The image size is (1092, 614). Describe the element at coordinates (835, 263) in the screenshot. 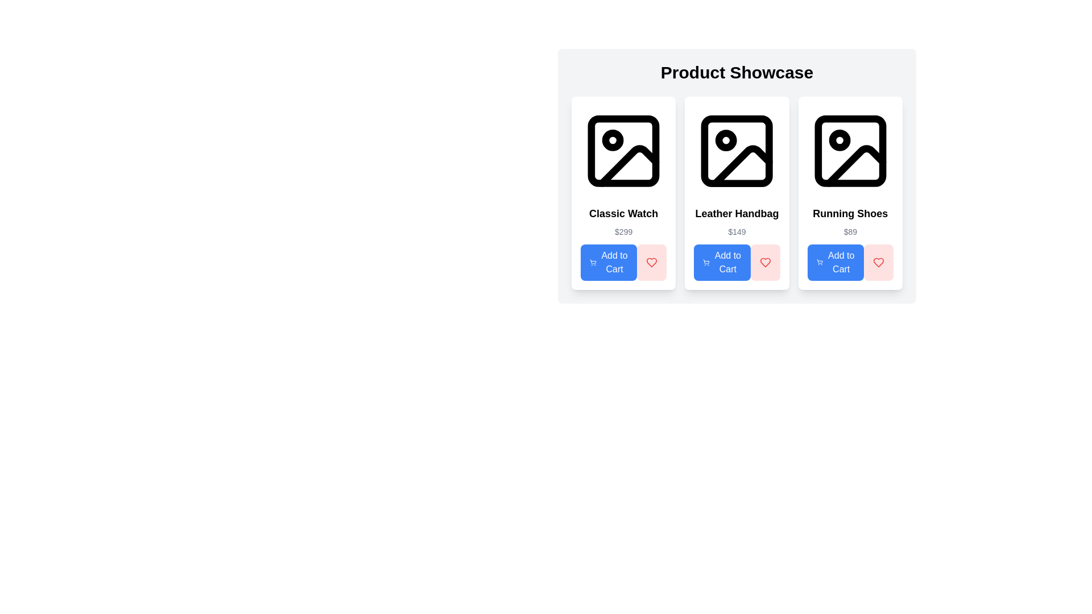

I see `the 'Add to Cart' button located at the bottom center of the 'Running Shoes' product card to trigger the hover effect` at that location.